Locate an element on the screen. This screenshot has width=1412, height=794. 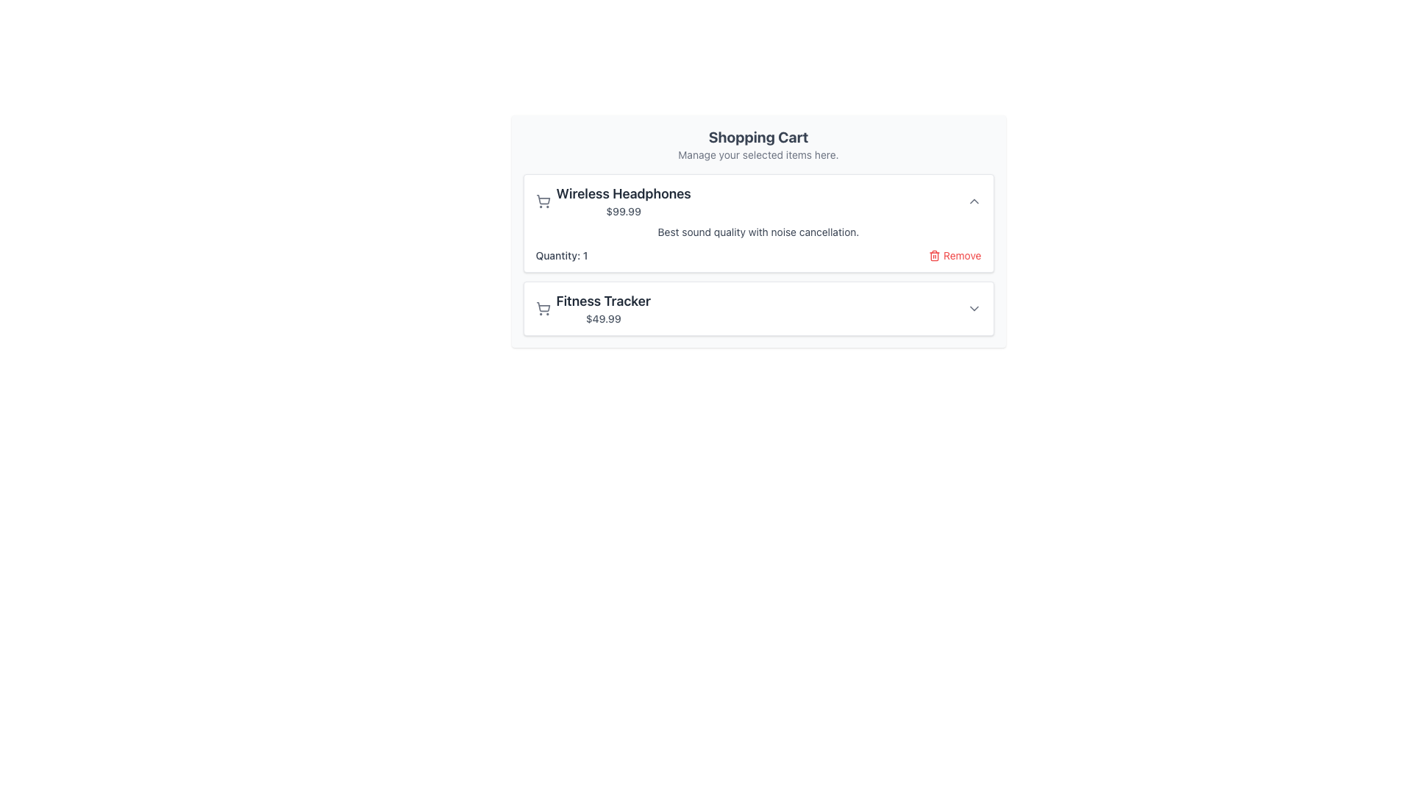
the upward-pointing chevron icon located at the top right corner of the product details section for 'Wireless Headphones' is located at coordinates (974, 201).